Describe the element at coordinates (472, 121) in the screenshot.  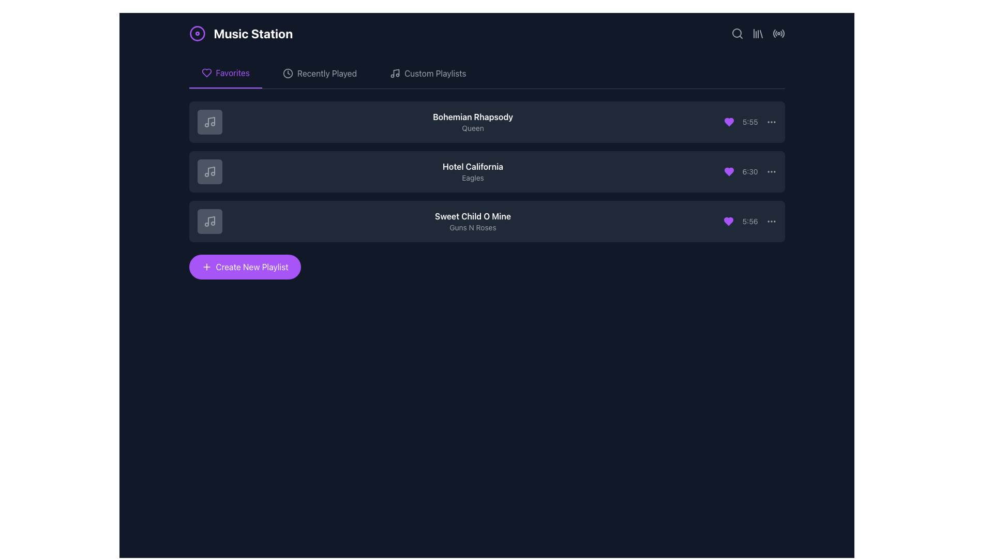
I see `the text display element that shows the song's title and artist, located within the music playlist entry block, positioned to the right of the music icon and above the duration text '5:55'` at that location.